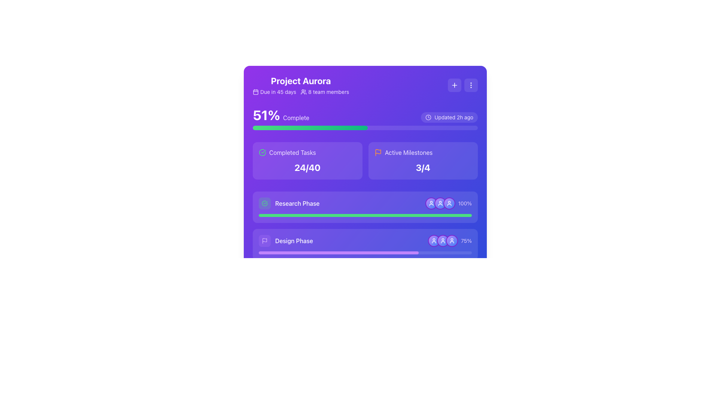  What do you see at coordinates (440, 203) in the screenshot?
I see `the user profile SVG icon located` at bounding box center [440, 203].